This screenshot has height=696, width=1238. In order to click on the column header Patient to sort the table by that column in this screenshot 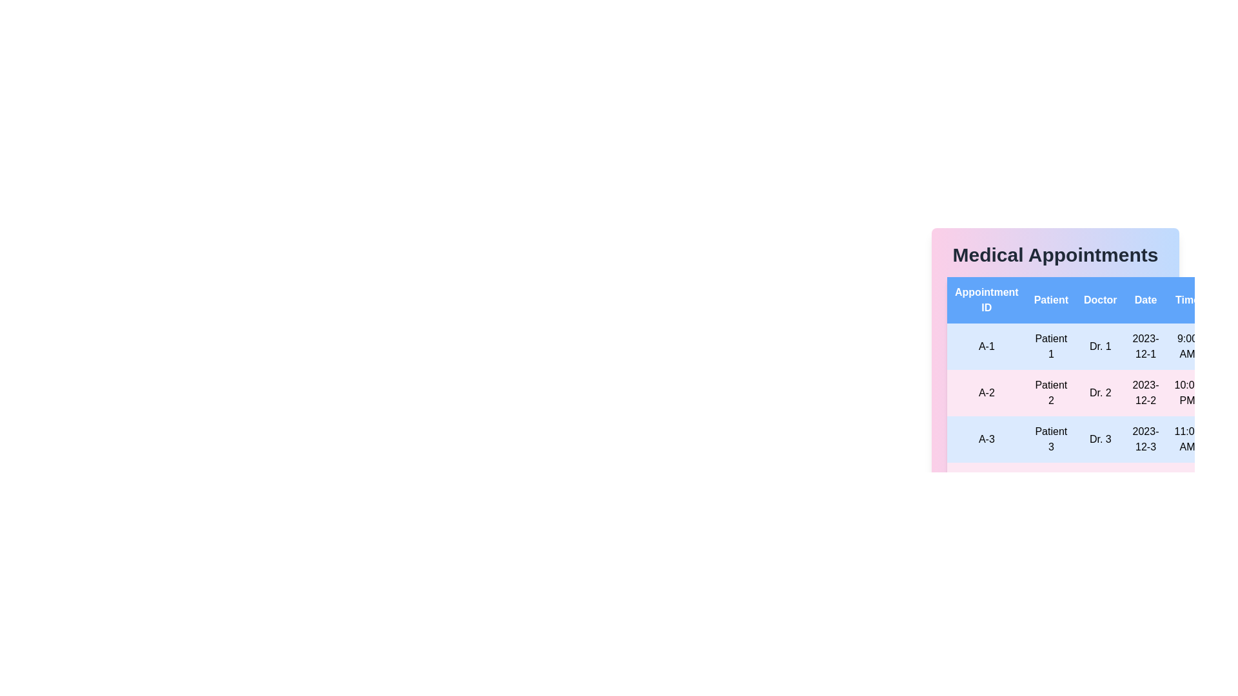, I will do `click(1051, 300)`.